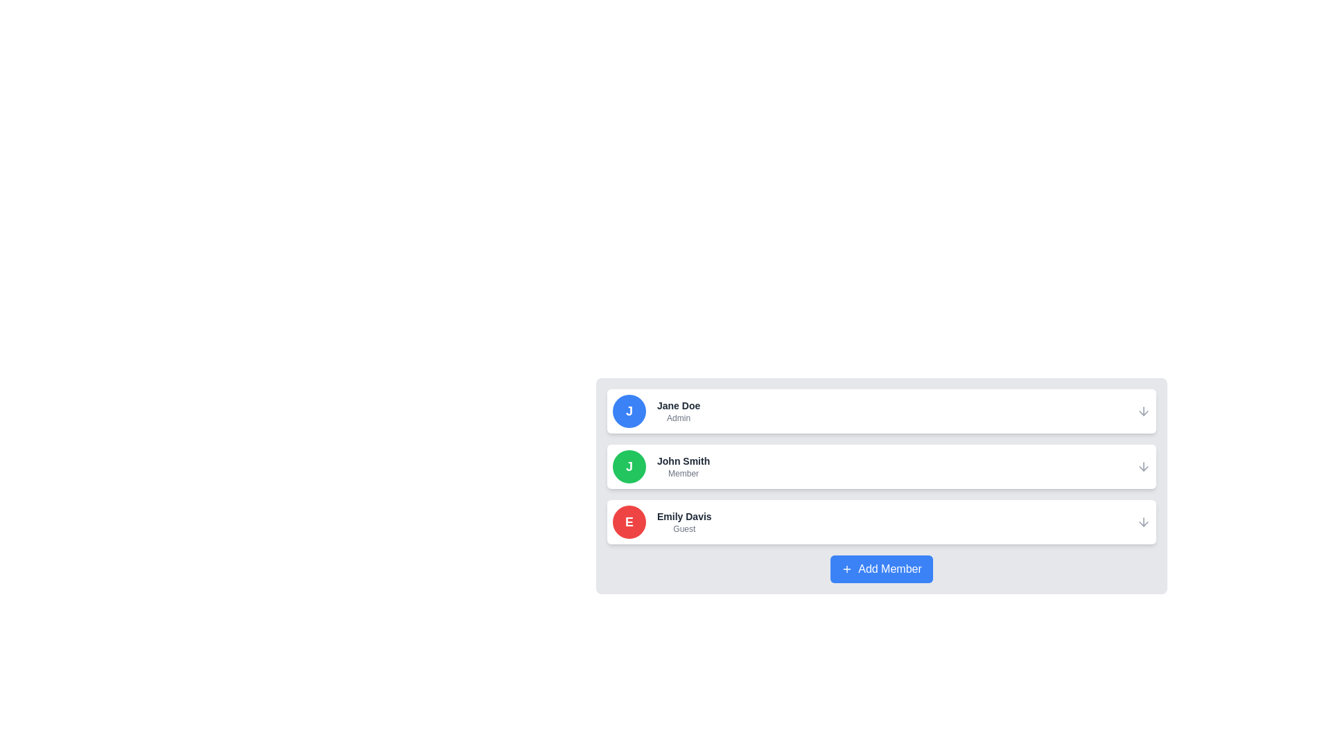 This screenshot has width=1331, height=748. I want to click on the text label displaying 'Admin', which is positioned under 'Jane Doe' within the first item of a vertical list of members, so click(679, 418).